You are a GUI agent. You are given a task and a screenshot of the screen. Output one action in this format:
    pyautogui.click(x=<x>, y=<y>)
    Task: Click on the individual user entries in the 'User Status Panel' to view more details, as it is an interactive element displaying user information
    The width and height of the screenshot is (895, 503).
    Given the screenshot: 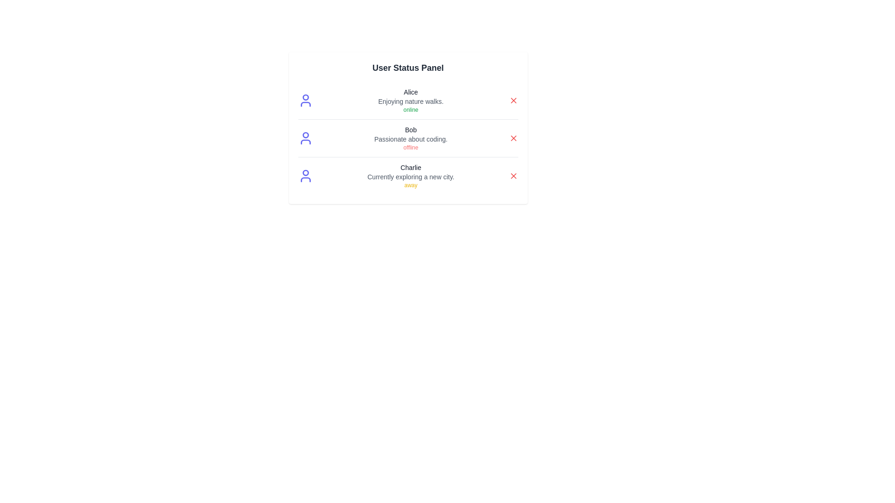 What is the action you would take?
    pyautogui.click(x=408, y=128)
    